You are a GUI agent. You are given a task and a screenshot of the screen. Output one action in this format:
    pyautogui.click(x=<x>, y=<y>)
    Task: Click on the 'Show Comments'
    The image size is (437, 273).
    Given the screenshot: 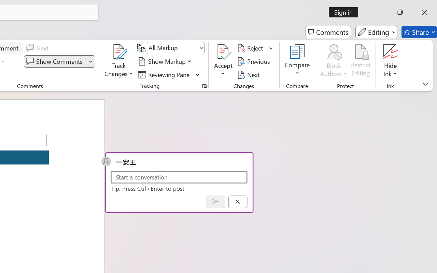 What is the action you would take?
    pyautogui.click(x=55, y=61)
    